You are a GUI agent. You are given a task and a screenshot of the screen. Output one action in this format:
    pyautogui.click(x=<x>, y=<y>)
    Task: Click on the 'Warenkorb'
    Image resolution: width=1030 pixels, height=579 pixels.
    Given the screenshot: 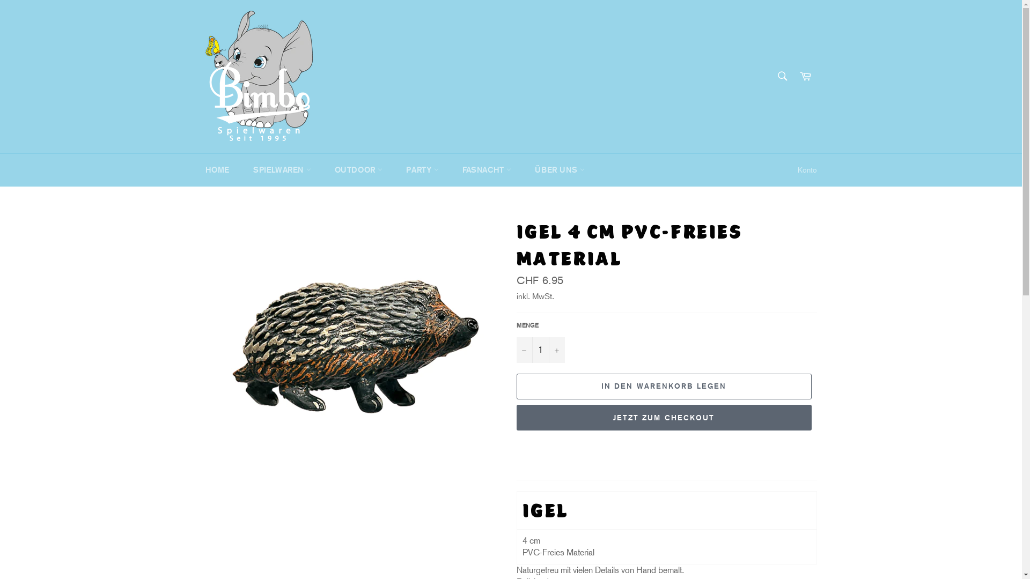 What is the action you would take?
    pyautogui.click(x=793, y=76)
    